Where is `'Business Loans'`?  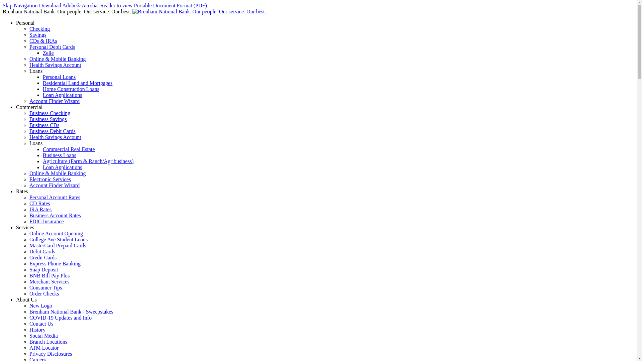 'Business Loans' is located at coordinates (59, 155).